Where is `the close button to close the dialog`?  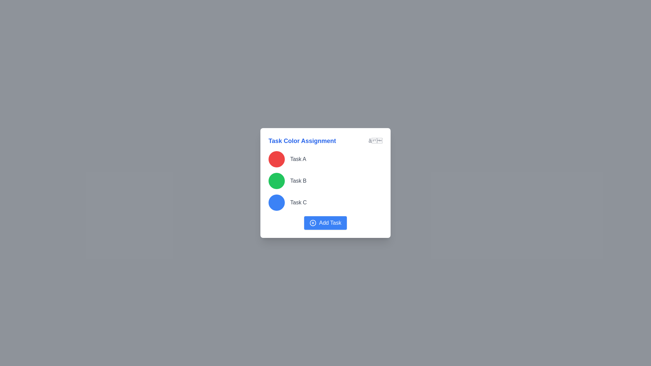 the close button to close the dialog is located at coordinates (375, 141).